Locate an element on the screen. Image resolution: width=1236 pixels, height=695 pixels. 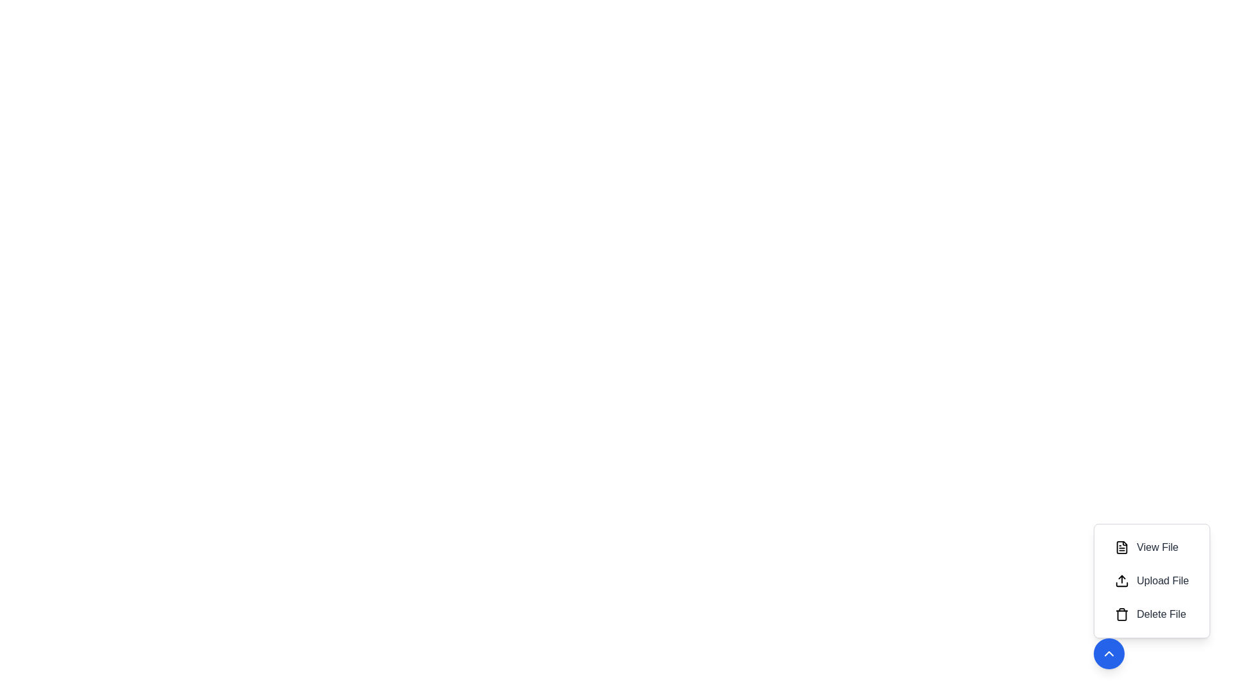
the 'View File' button to activate the action is located at coordinates (1152, 548).